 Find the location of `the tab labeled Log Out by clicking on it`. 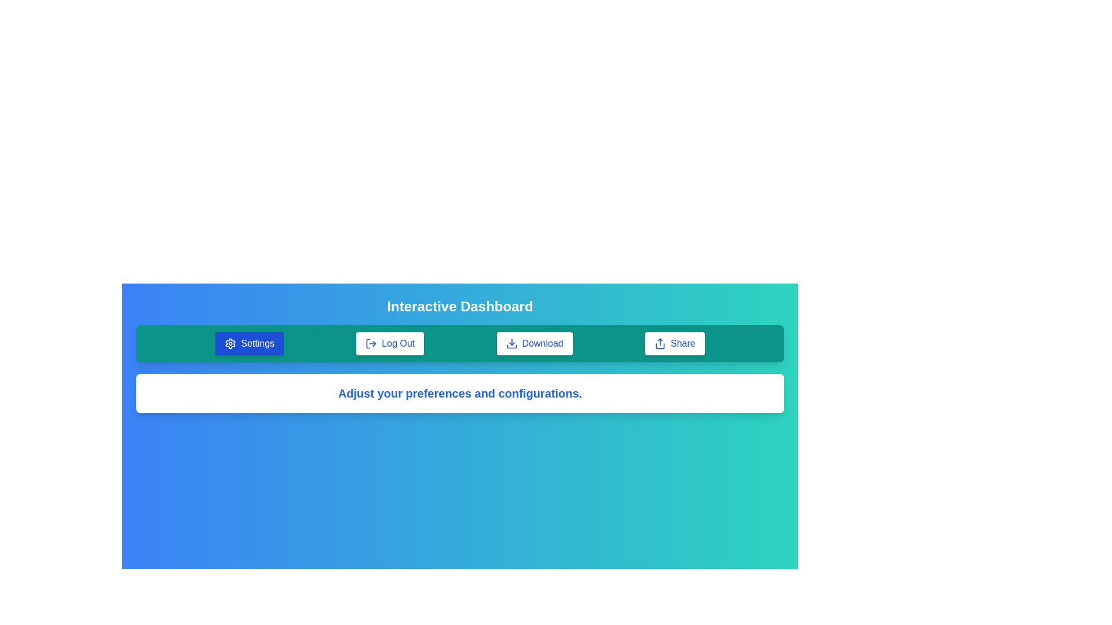

the tab labeled Log Out by clicking on it is located at coordinates (390, 343).